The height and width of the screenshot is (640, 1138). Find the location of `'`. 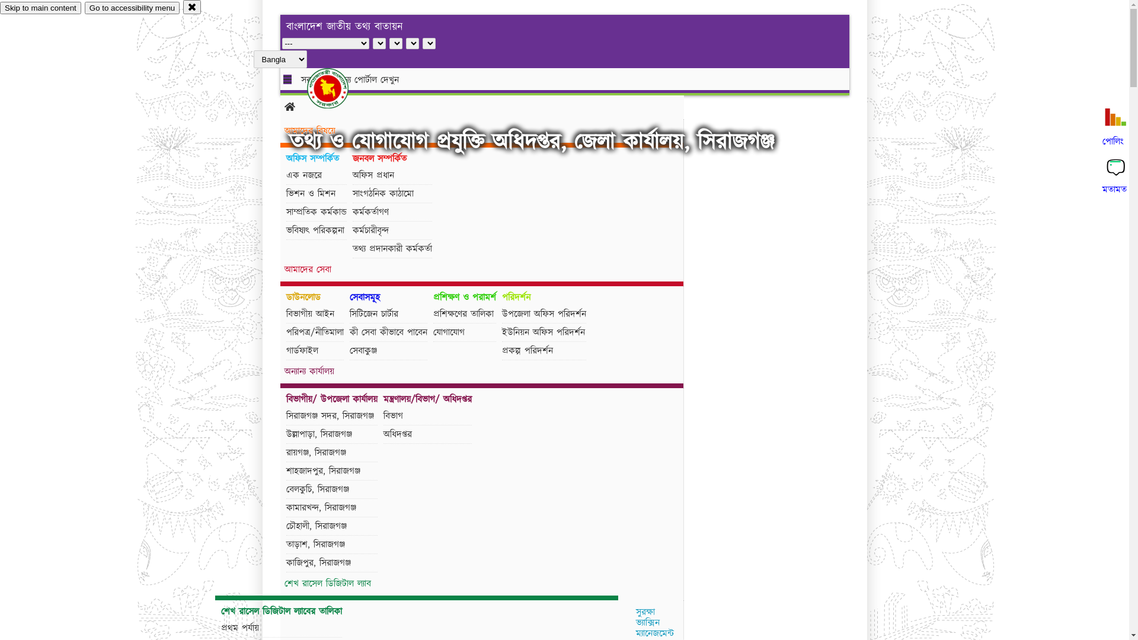

' is located at coordinates (337, 88).